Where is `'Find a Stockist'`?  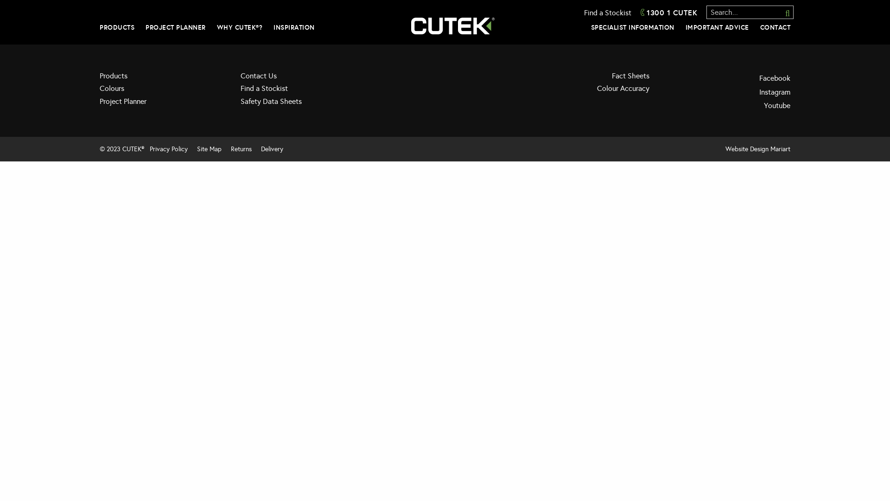
'Find a Stockist' is located at coordinates (607, 13).